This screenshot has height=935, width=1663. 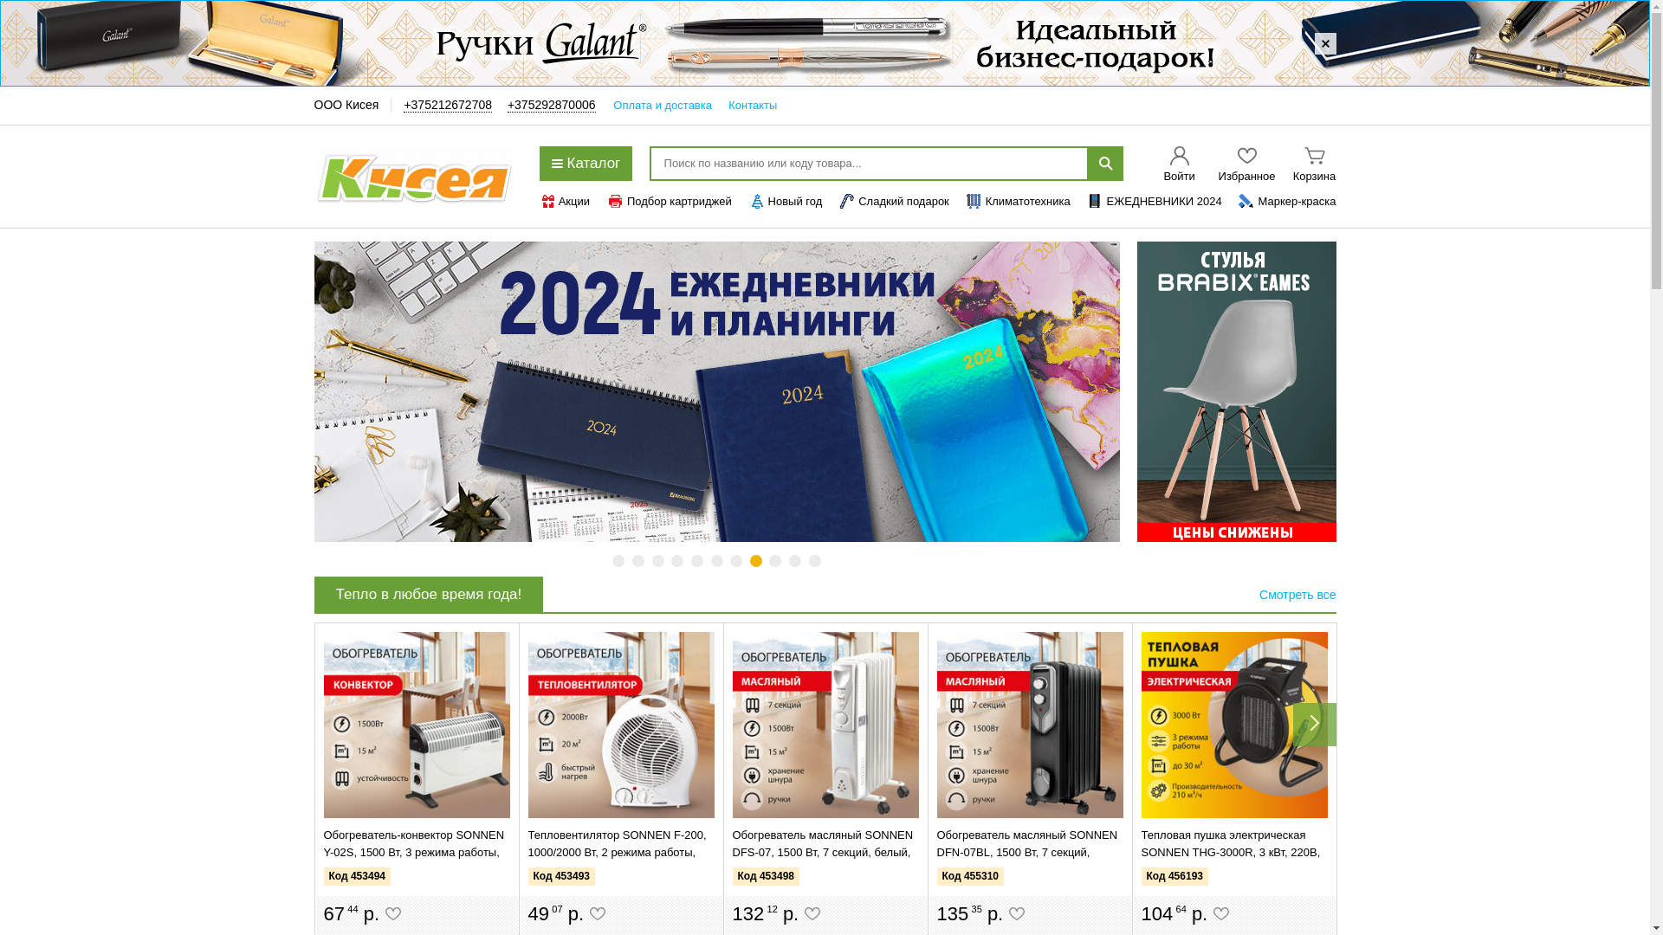 I want to click on '+375212672708', so click(x=448, y=105).